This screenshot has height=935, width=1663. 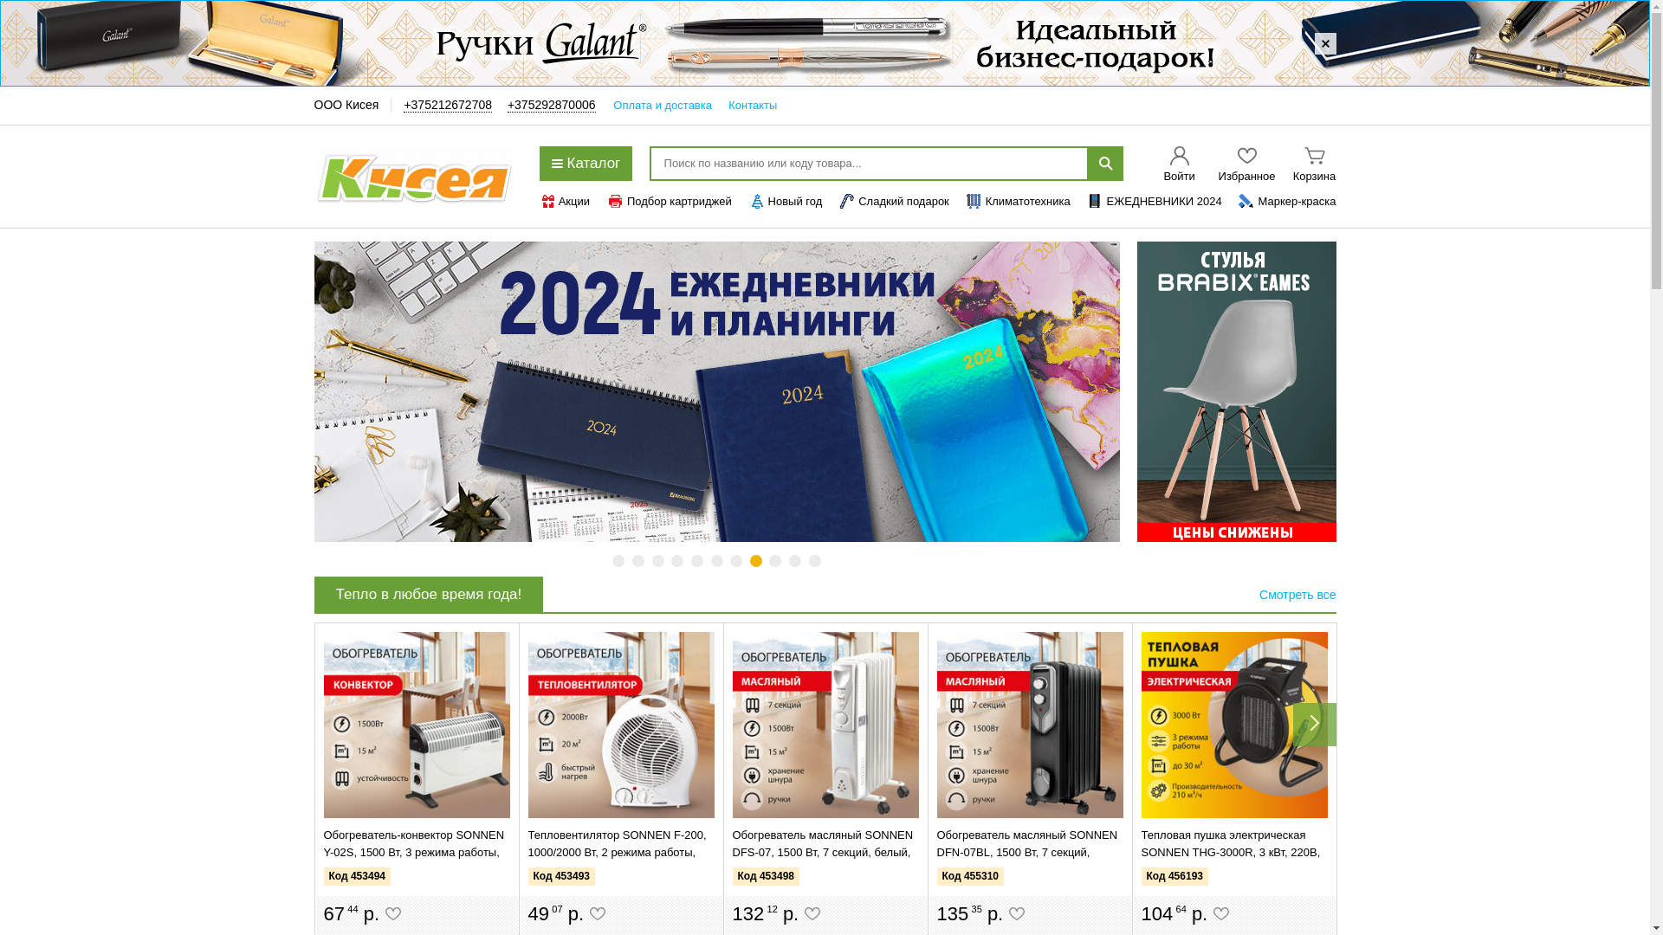 I want to click on '+375212672708', so click(x=448, y=105).